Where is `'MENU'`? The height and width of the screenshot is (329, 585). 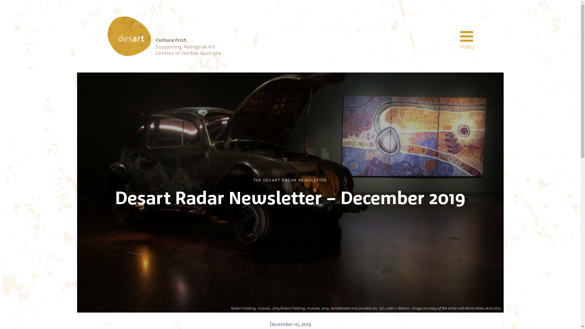 'MENU' is located at coordinates (466, 36).